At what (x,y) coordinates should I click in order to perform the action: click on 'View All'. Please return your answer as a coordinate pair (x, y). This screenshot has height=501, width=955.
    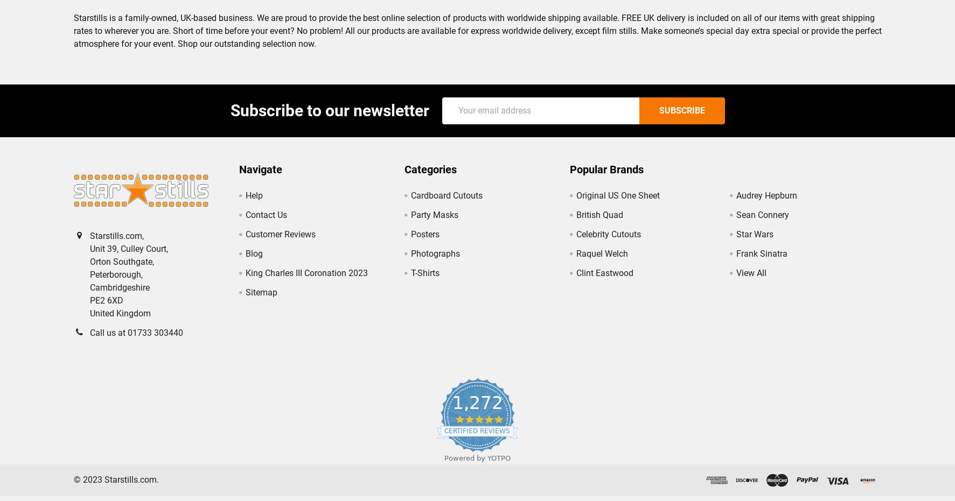
    Looking at the image, I should click on (736, 281).